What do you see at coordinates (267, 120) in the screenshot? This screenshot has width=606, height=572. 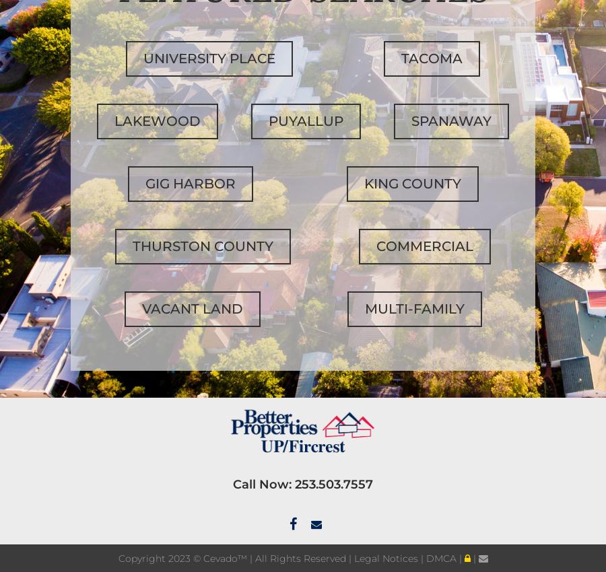 I see `'Puyallup'` at bounding box center [267, 120].